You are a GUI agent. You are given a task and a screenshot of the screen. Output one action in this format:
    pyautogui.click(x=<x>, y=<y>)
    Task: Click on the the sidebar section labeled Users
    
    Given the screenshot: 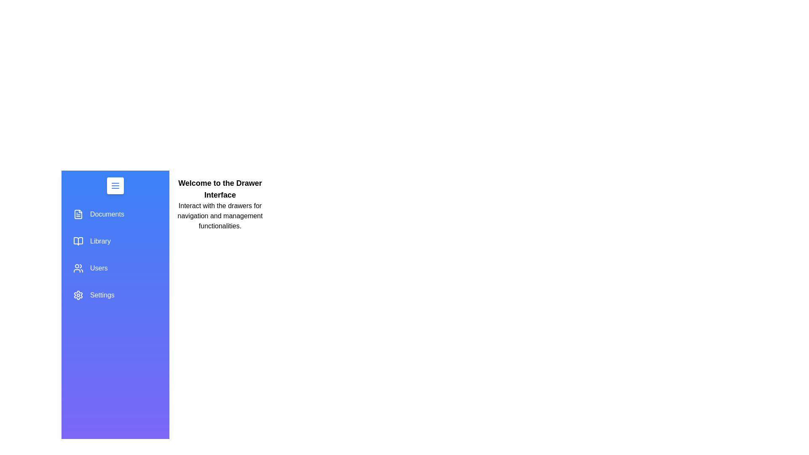 What is the action you would take?
    pyautogui.click(x=115, y=268)
    